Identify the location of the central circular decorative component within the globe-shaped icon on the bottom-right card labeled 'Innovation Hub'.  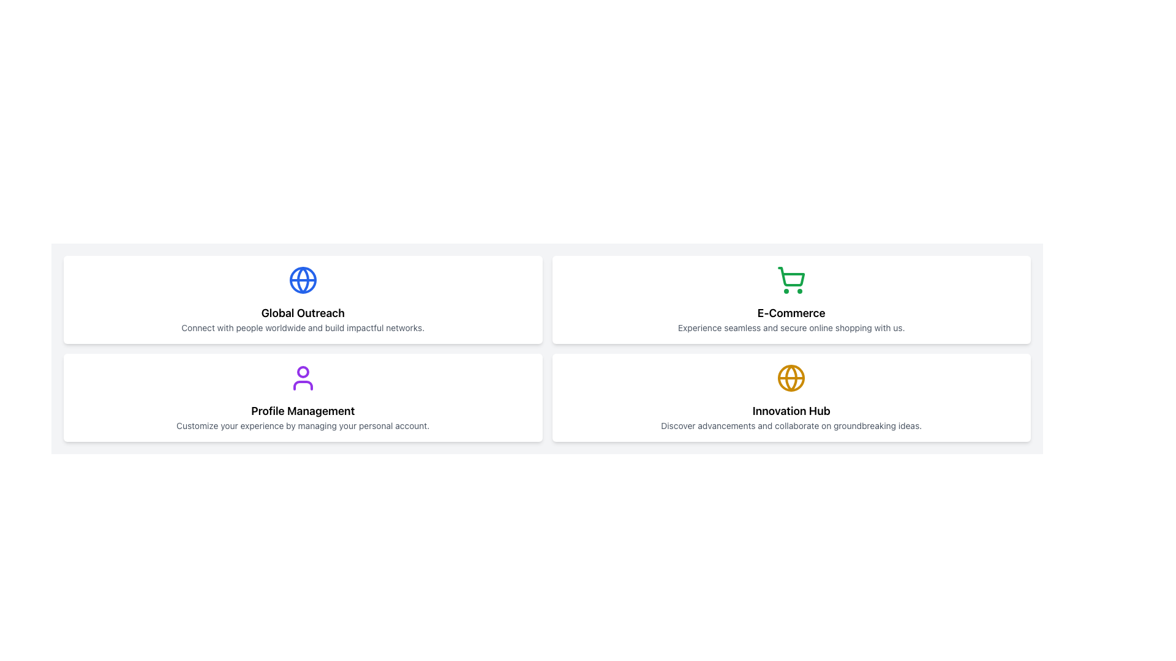
(791, 377).